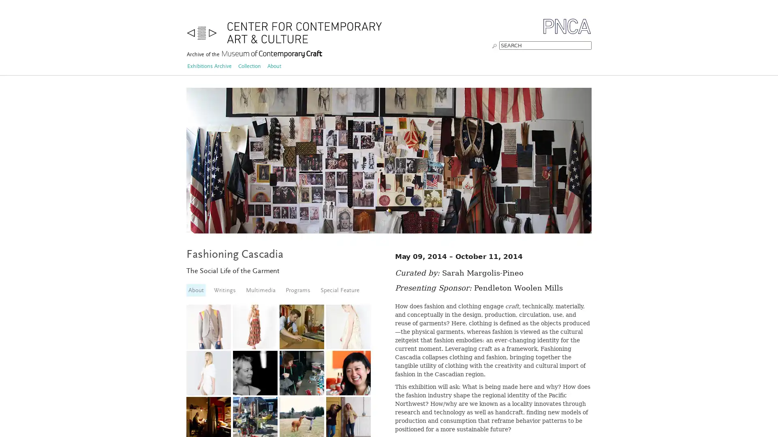 The width and height of the screenshot is (778, 437). I want to click on Submit, so click(494, 45).